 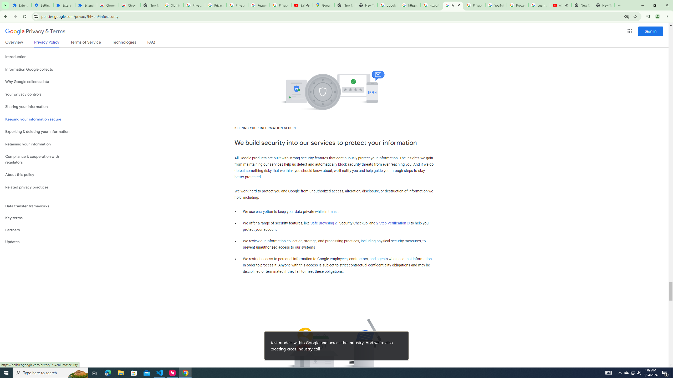 I want to click on 'Settings', so click(x=42, y=5).